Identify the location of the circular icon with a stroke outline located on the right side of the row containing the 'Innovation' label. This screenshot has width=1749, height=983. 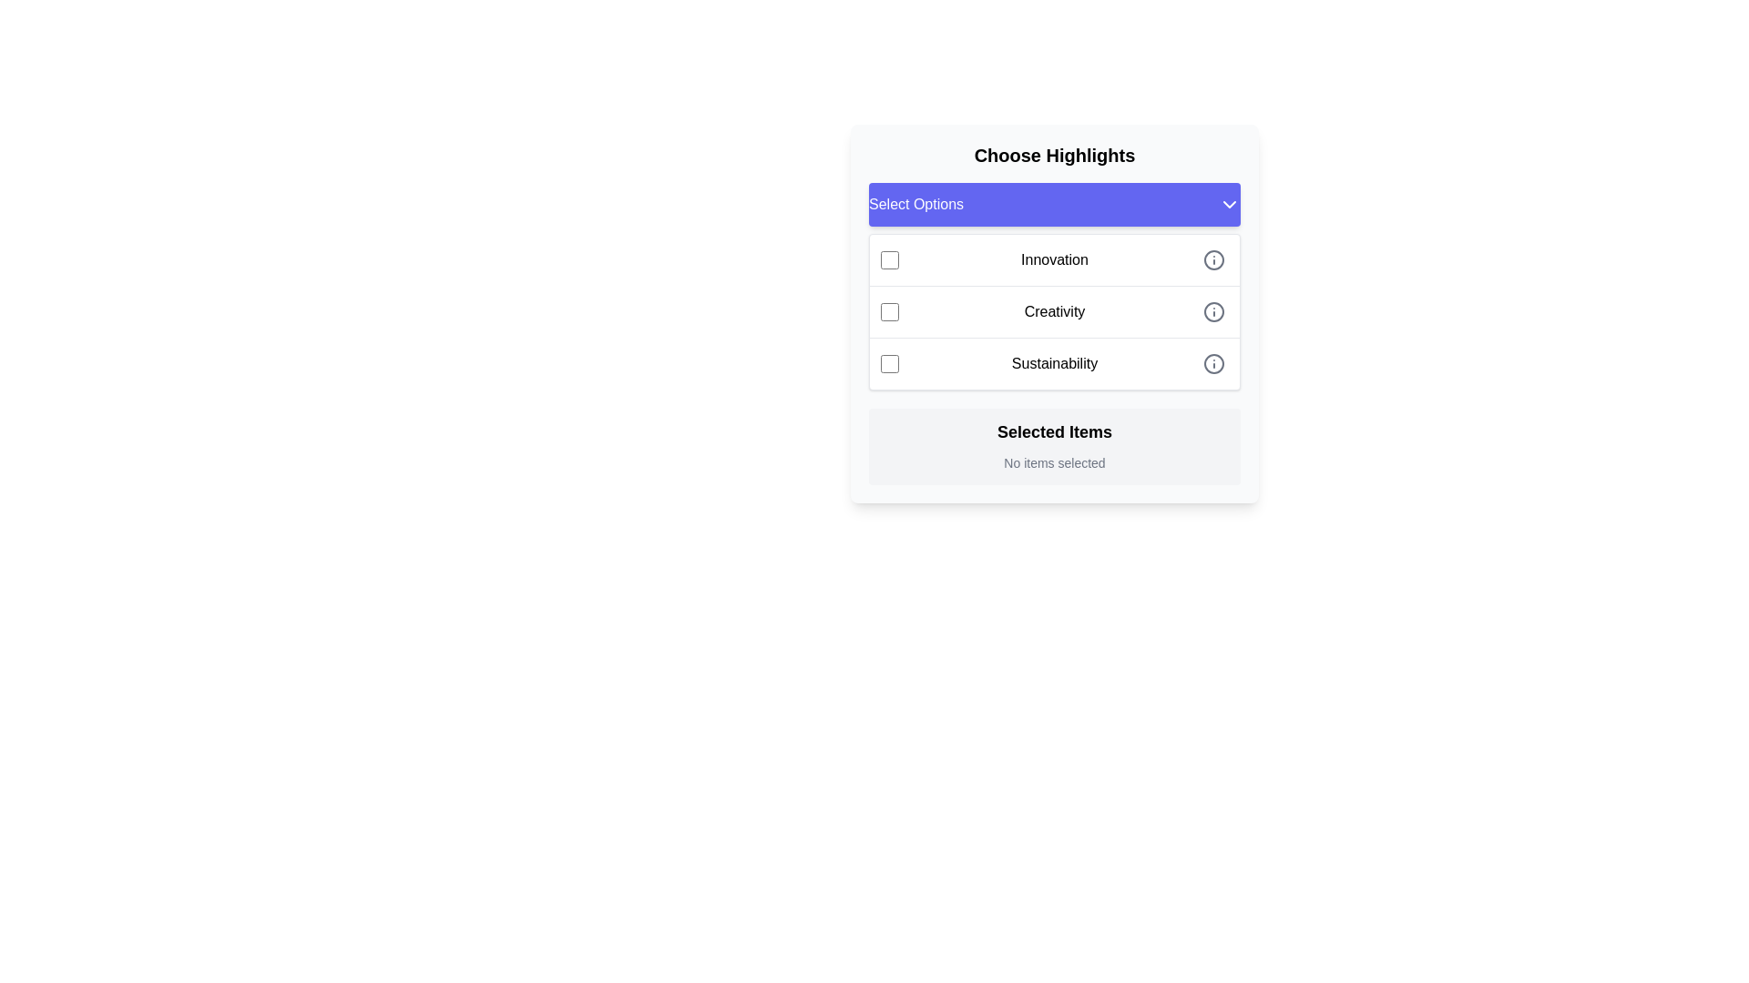
(1214, 259).